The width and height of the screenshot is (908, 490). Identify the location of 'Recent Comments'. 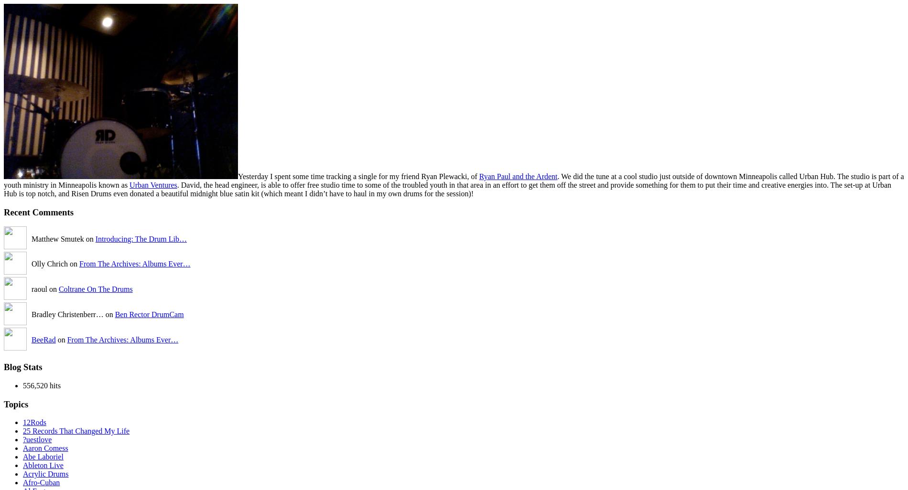
(38, 212).